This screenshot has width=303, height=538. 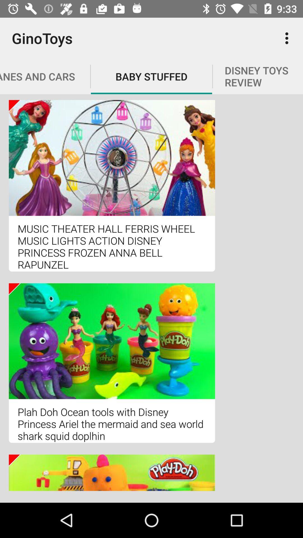 I want to click on icon to the right of baby stuffed icon, so click(x=288, y=38).